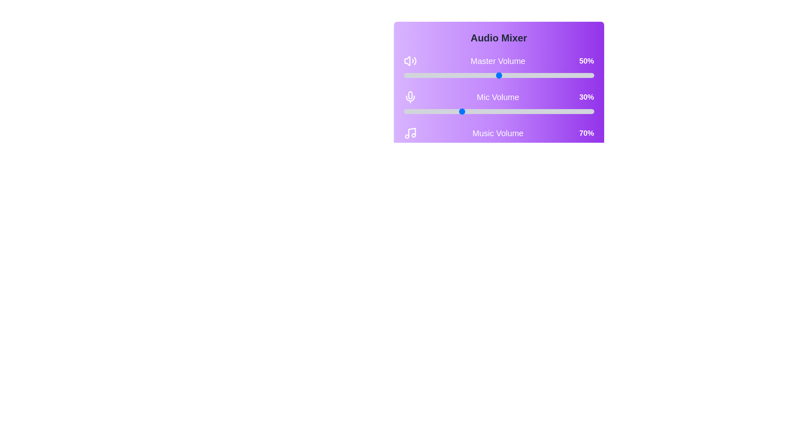 The image size is (788, 443). I want to click on the microphone volume level indicator displaying '30%' in the Audio Mixer interface, located between the Master Volume and Music Volume controls, so click(498, 96).